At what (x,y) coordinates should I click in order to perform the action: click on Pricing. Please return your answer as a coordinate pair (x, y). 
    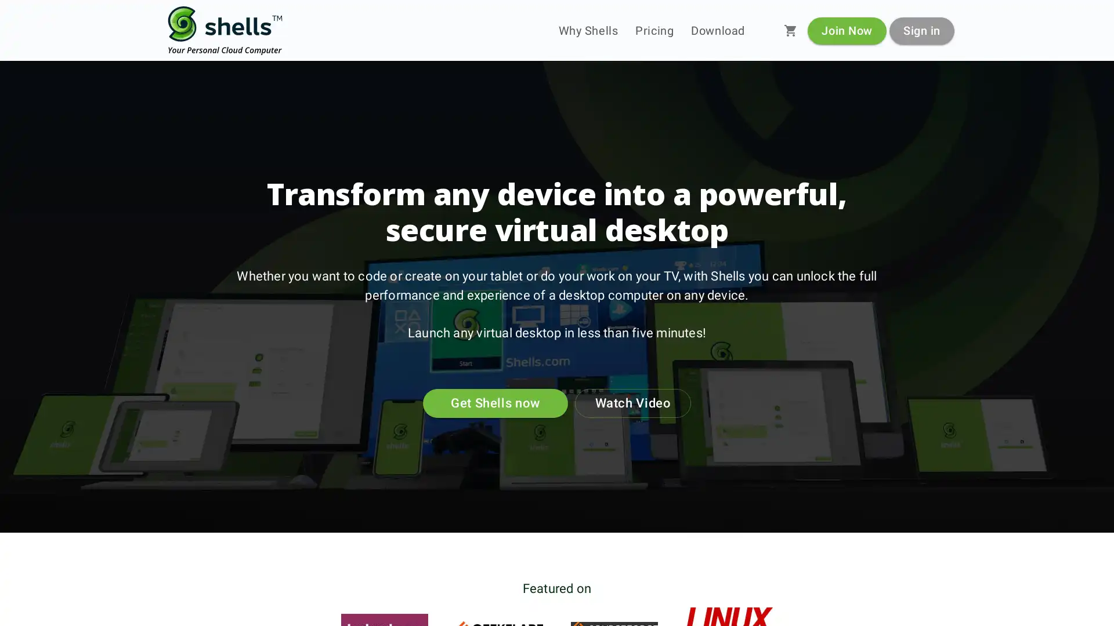
    Looking at the image, I should click on (654, 30).